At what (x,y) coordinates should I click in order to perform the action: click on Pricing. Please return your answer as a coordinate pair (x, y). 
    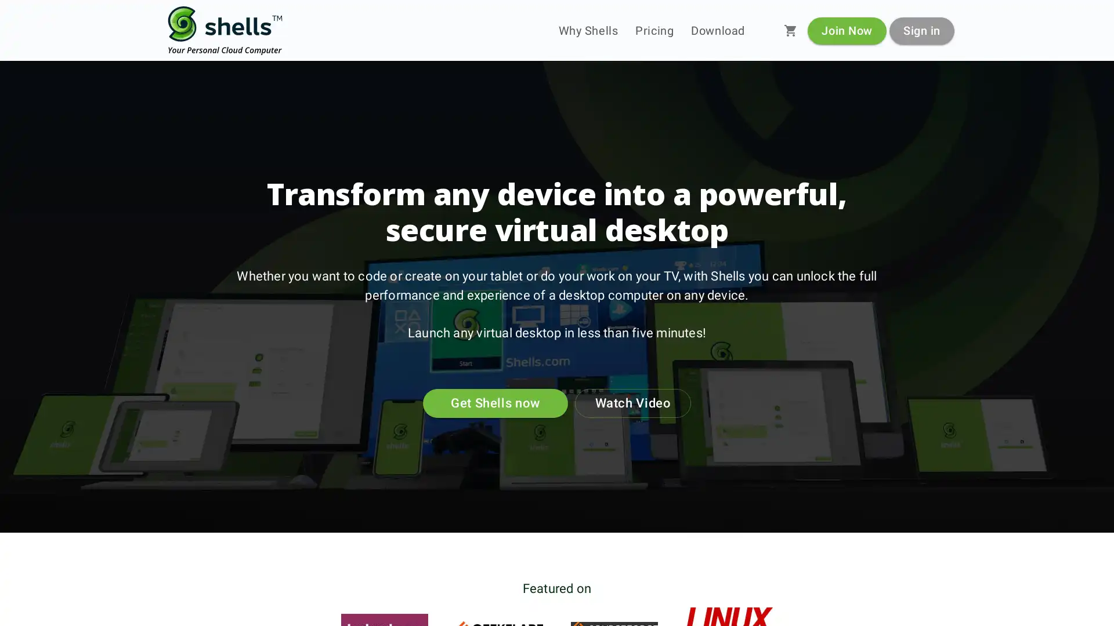
    Looking at the image, I should click on (654, 30).